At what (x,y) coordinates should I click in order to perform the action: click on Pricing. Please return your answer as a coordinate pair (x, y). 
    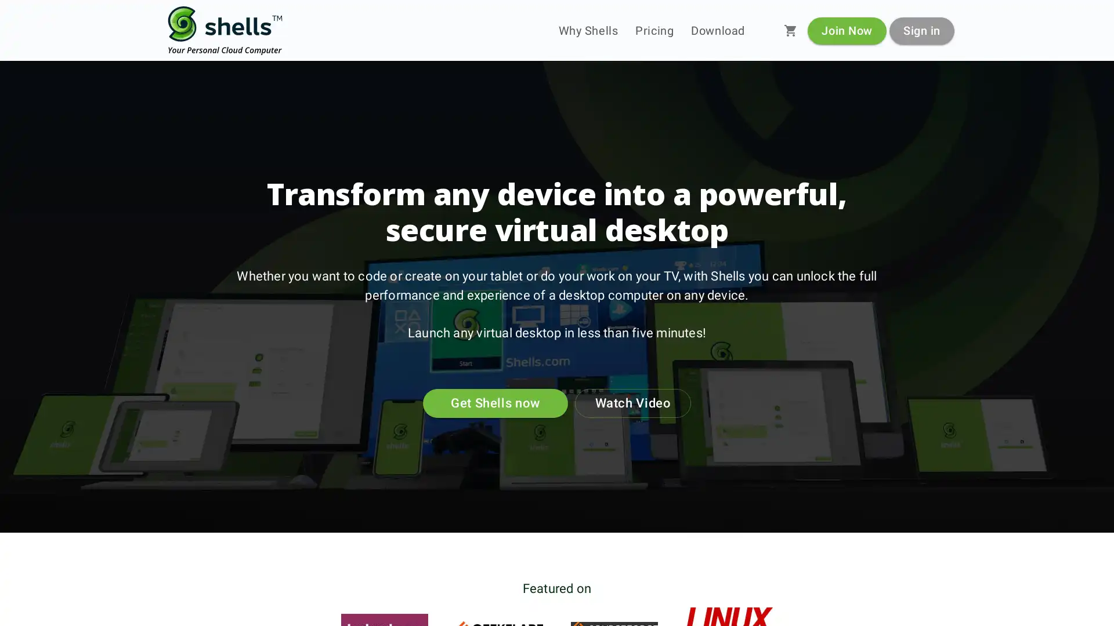
    Looking at the image, I should click on (654, 30).